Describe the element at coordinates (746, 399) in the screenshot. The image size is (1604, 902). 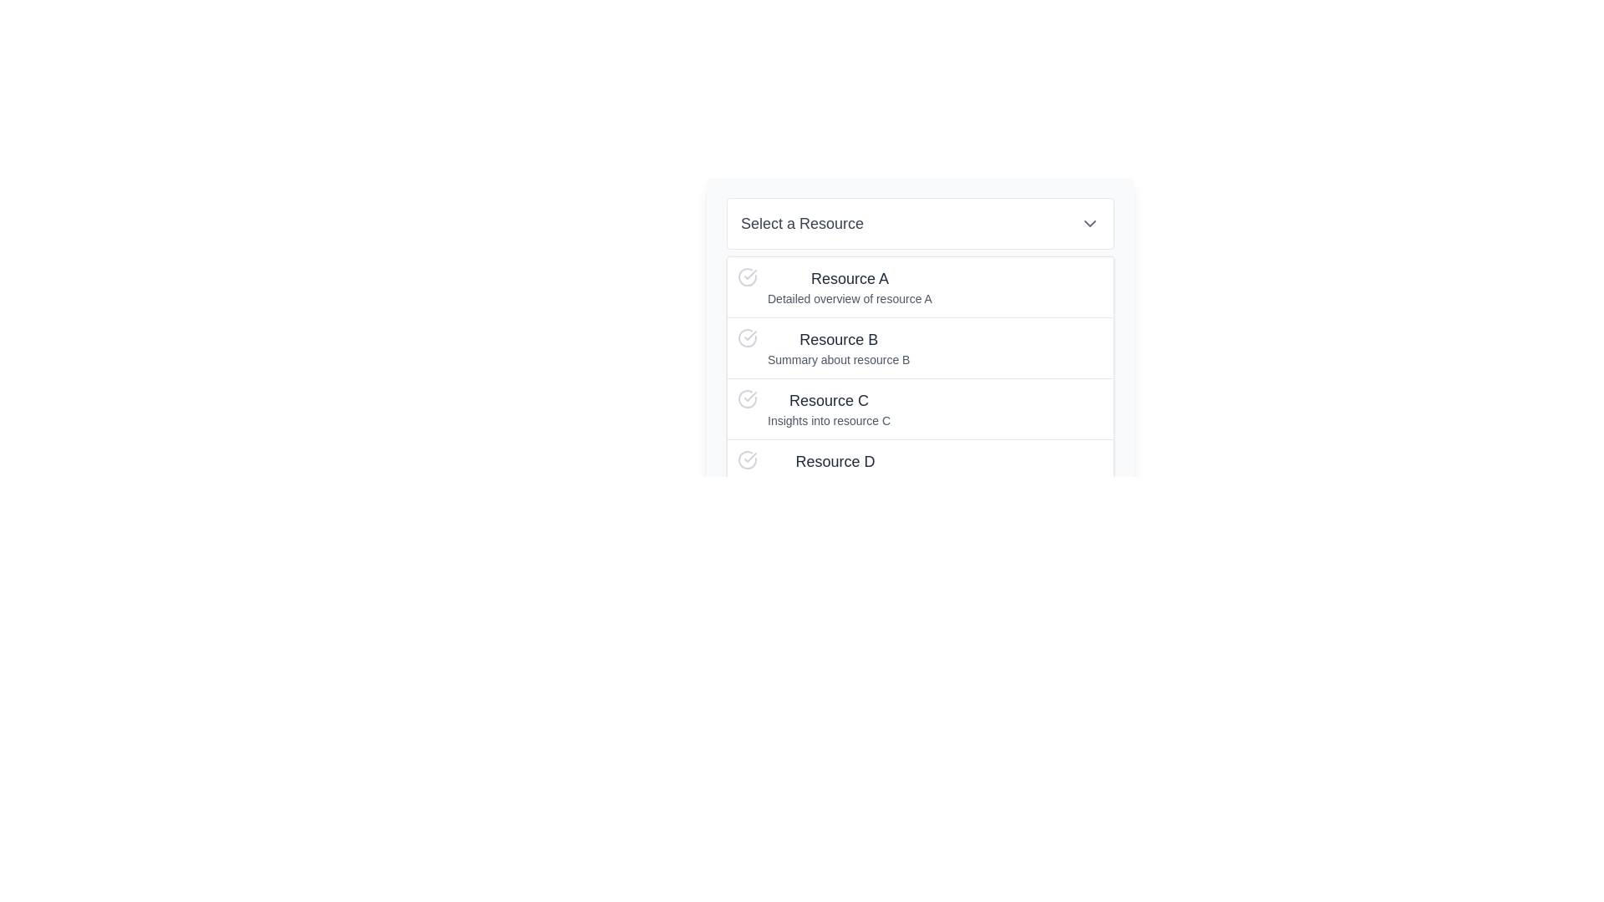
I see `the icon with a circular outline and checkmark inside, located to the left of the text 'Resource C' and 'Insights into resource C'` at that location.